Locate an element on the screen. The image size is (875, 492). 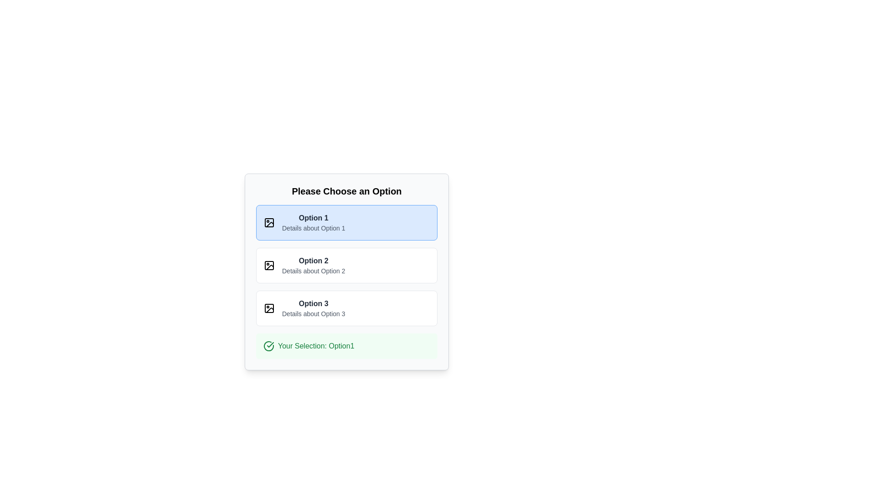
the Image icon that accompanies the 'Option 1' text label, which is highlighted in blue and located at the top-left within the 'Option 1' component is located at coordinates (268, 223).